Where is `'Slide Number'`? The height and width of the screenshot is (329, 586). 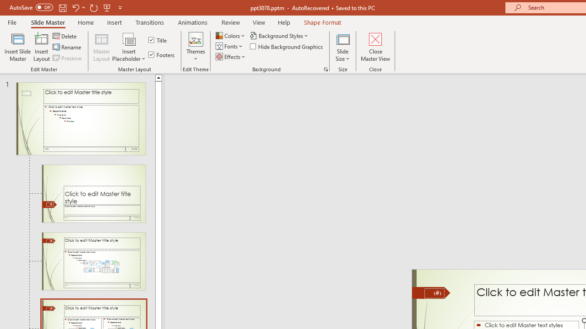
'Slide Number' is located at coordinates (434, 293).